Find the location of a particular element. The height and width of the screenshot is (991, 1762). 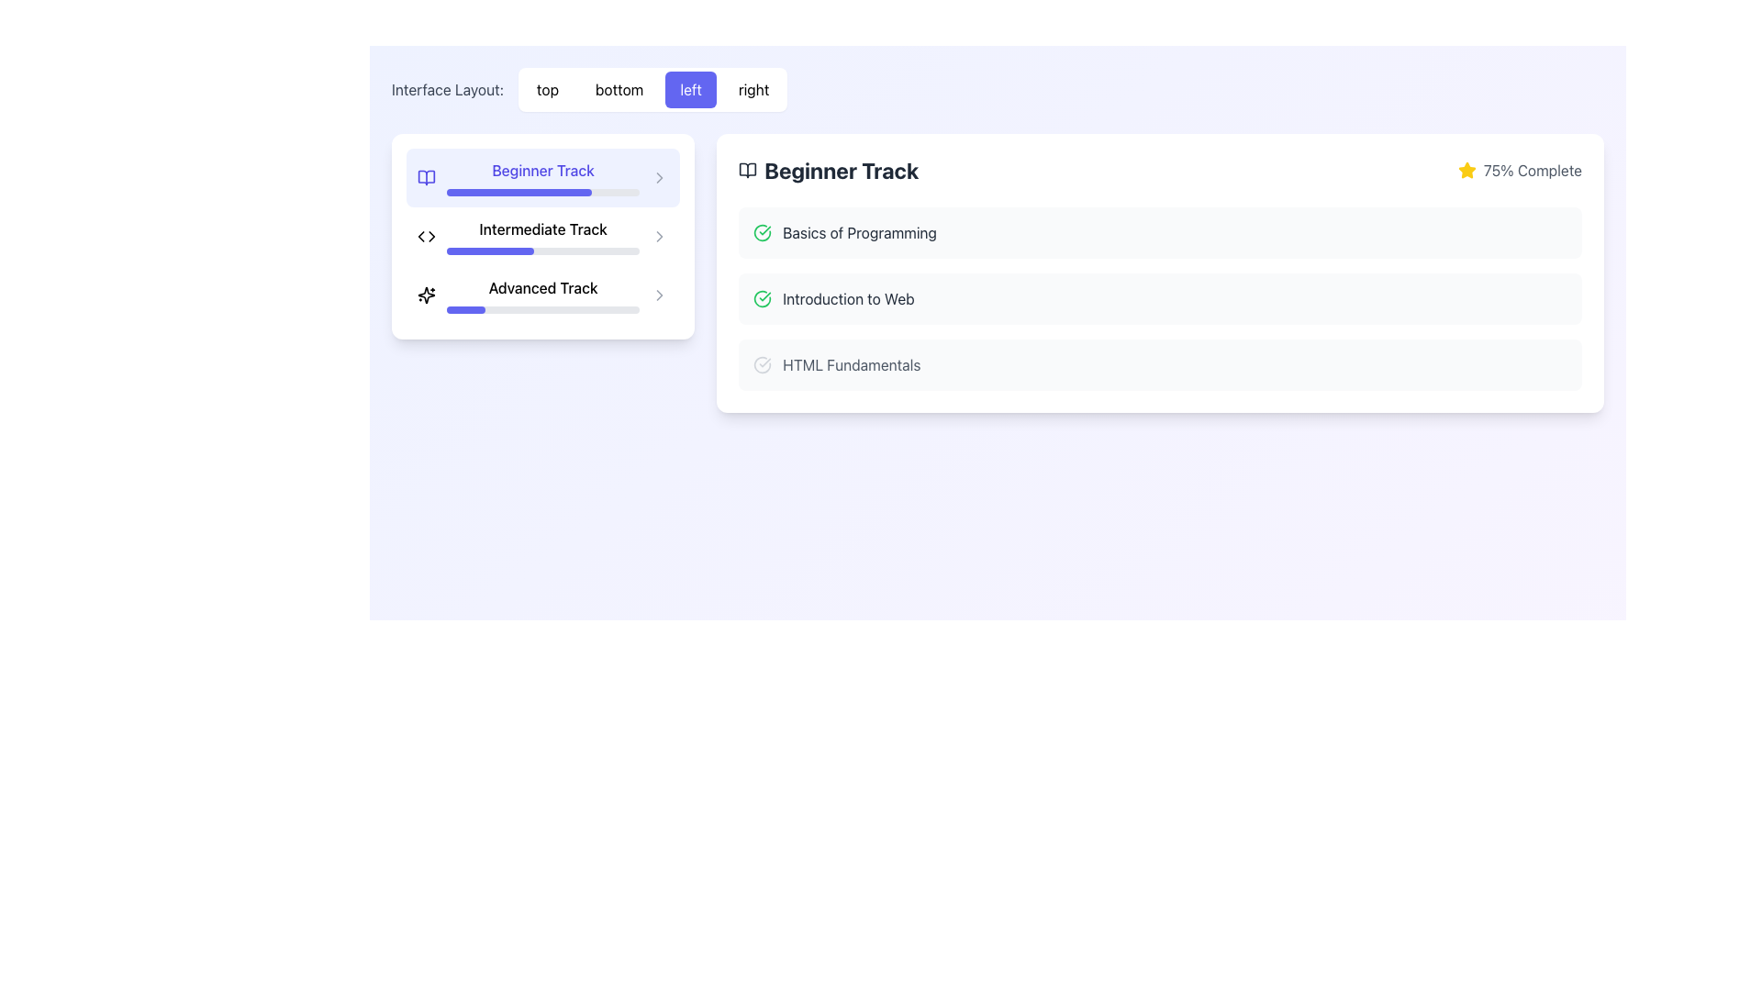

the decorative icon for the 'Advanced Track' label, which is the third icon in the list on the left panel is located at coordinates (426, 294).